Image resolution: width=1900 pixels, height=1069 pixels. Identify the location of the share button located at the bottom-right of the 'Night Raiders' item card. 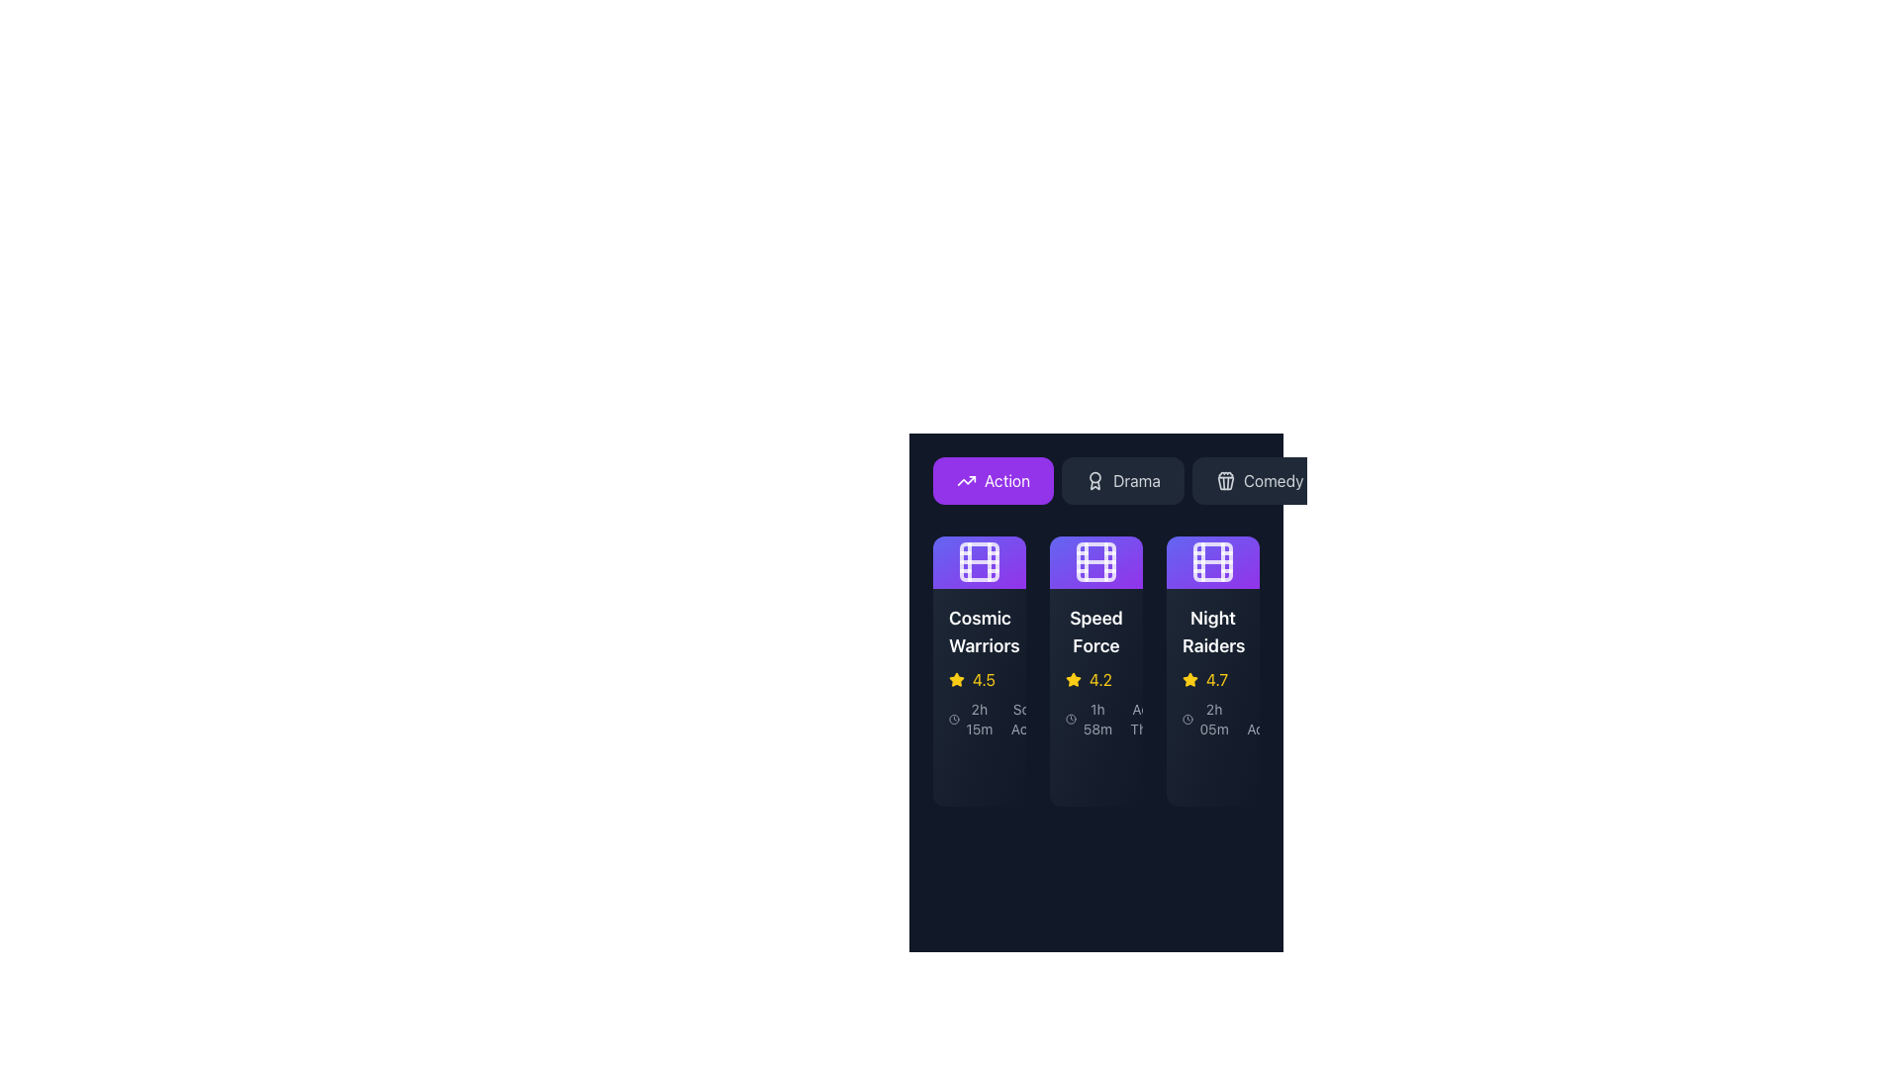
(1211, 769).